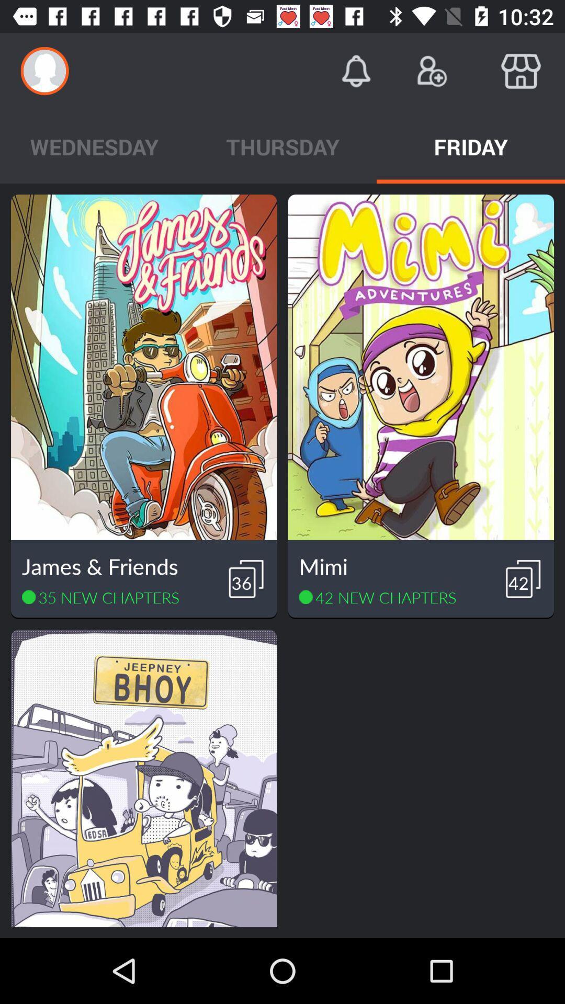 Image resolution: width=565 pixels, height=1004 pixels. What do you see at coordinates (282, 146) in the screenshot?
I see `the app to the right of the wednesday  app` at bounding box center [282, 146].